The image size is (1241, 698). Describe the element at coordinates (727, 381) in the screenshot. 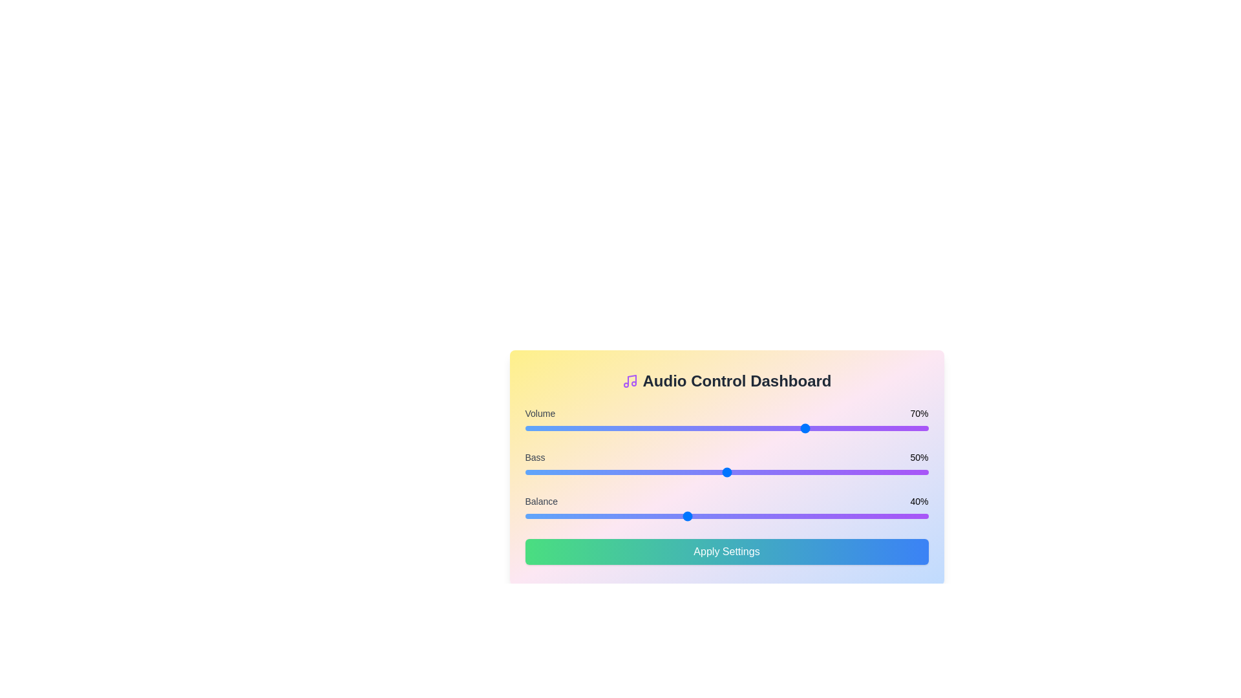

I see `title or header text of the audio control settings module, which is located at the top section of the gradient-styled card containing audio control options` at that location.